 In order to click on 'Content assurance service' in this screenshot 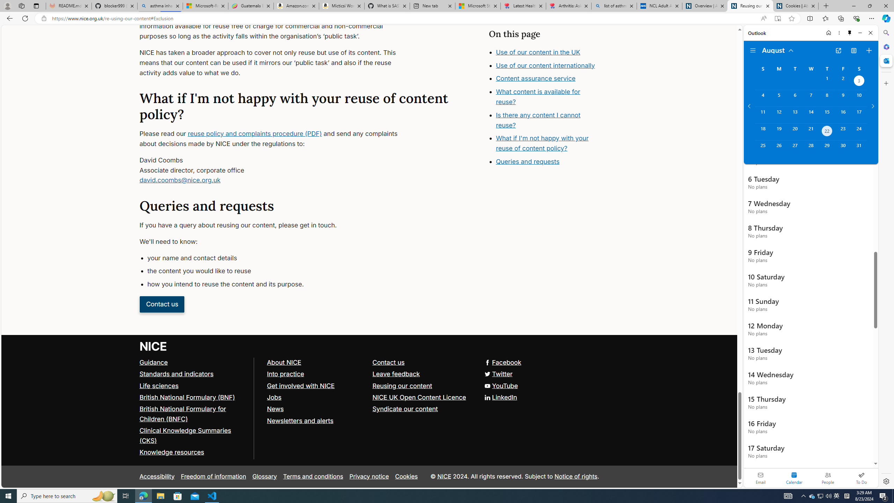, I will do `click(535, 79)`.